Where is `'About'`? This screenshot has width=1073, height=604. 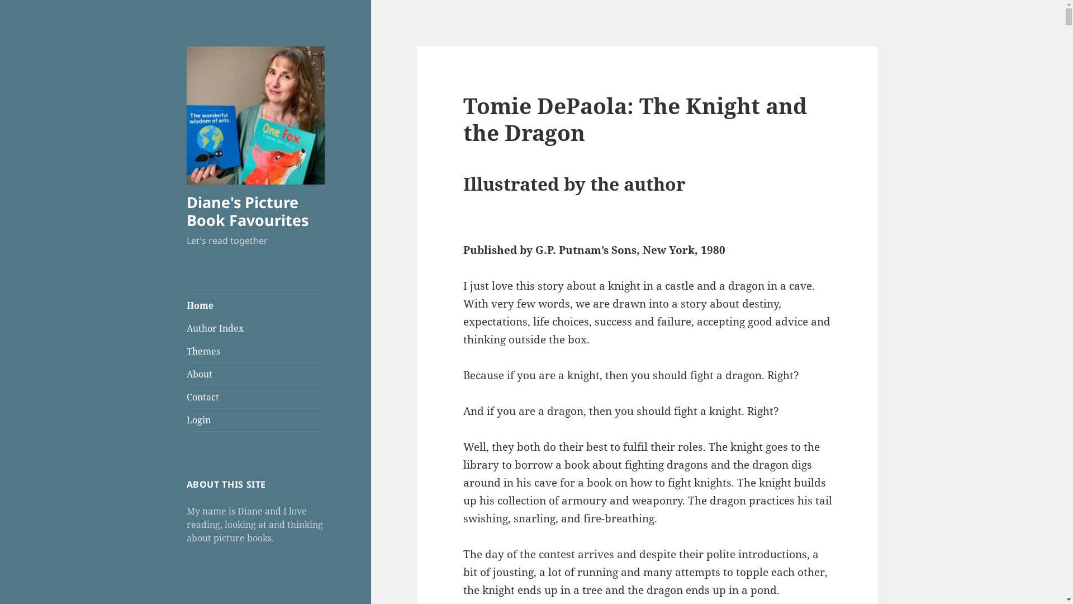 'About' is located at coordinates (255, 374).